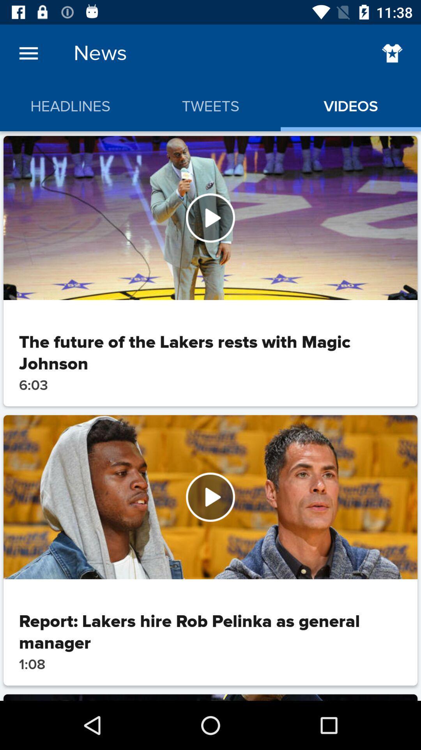 The image size is (421, 750). What do you see at coordinates (210, 496) in the screenshot?
I see `because back devicer` at bounding box center [210, 496].